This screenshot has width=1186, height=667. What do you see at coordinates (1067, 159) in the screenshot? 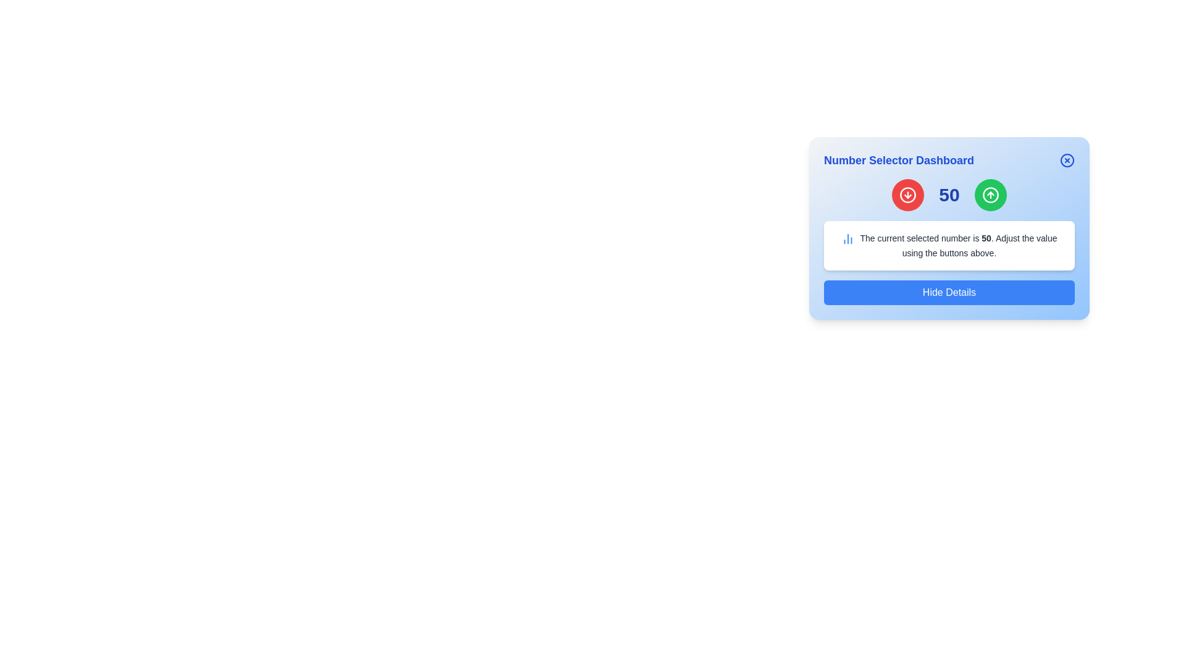
I see `the circular graphic element representing the close action for the modal located at the top-right corner of the 'Number Selector Dashboard' modal's header` at bounding box center [1067, 159].